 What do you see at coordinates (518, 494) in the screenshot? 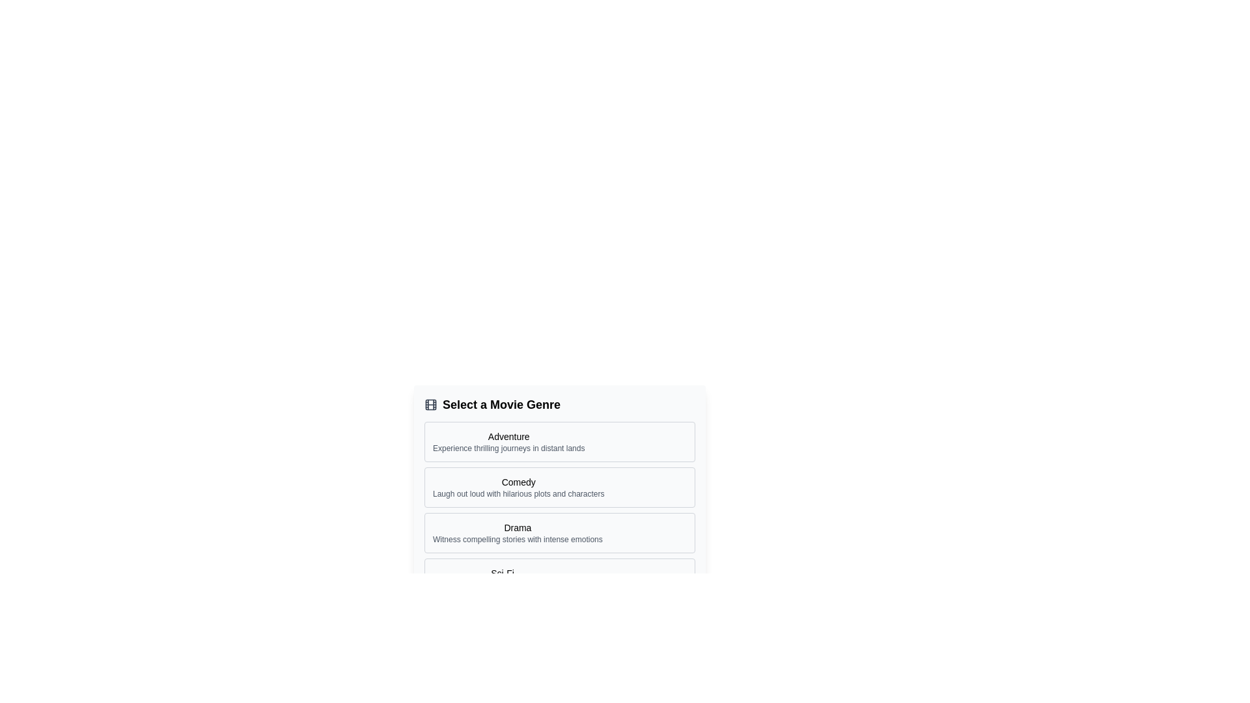
I see `the static text element that provides a descriptive subtext or tagline under the 'Comedy' category, located beneath the header text 'Comedy'` at bounding box center [518, 494].